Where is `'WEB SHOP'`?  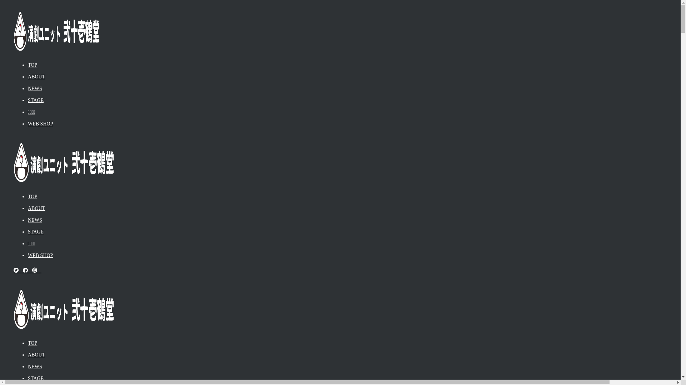 'WEB SHOP' is located at coordinates (40, 255).